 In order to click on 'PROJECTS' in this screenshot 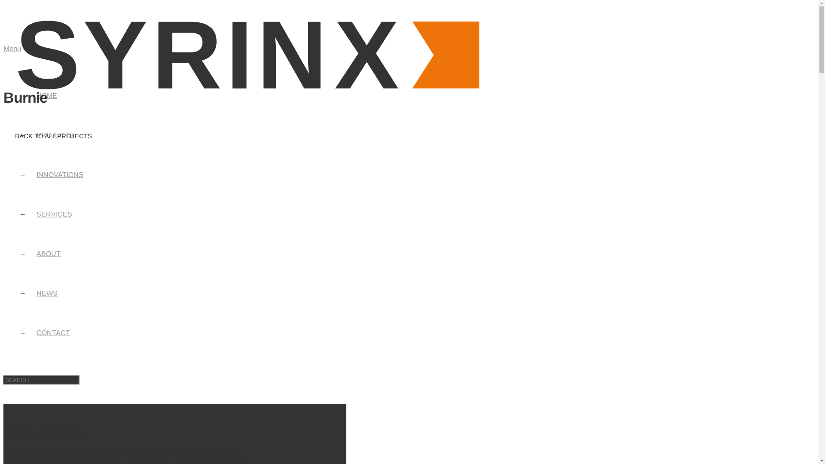, I will do `click(55, 135)`.